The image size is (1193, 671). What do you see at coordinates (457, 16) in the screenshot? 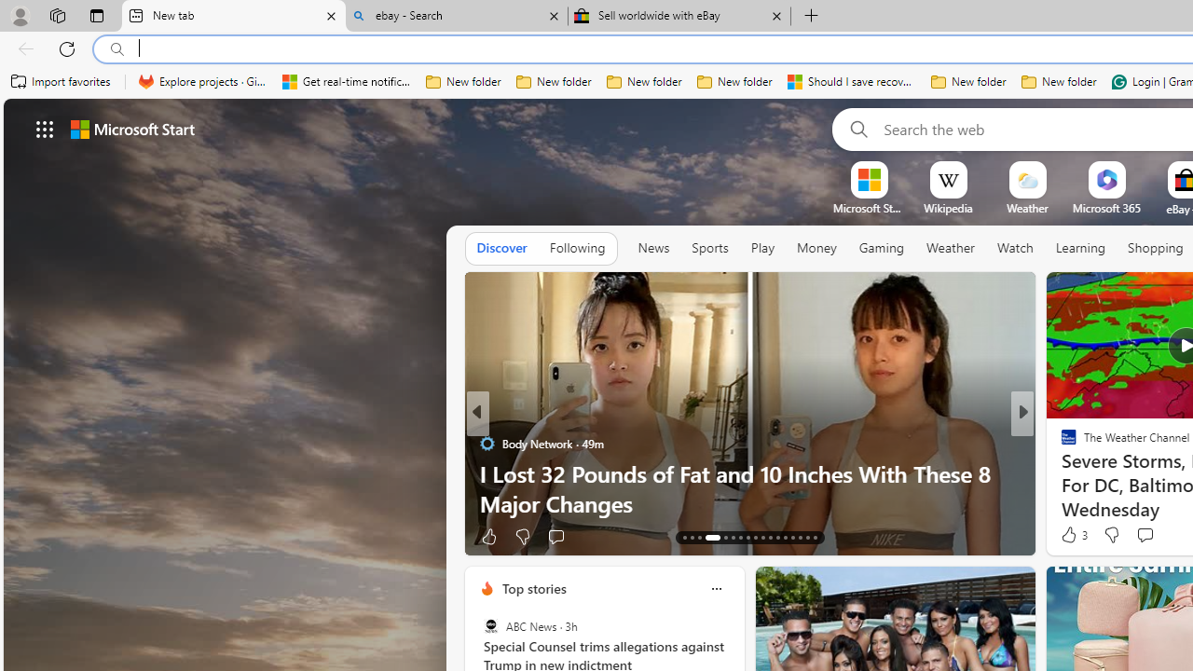
I see `'ebay - Search'` at bounding box center [457, 16].